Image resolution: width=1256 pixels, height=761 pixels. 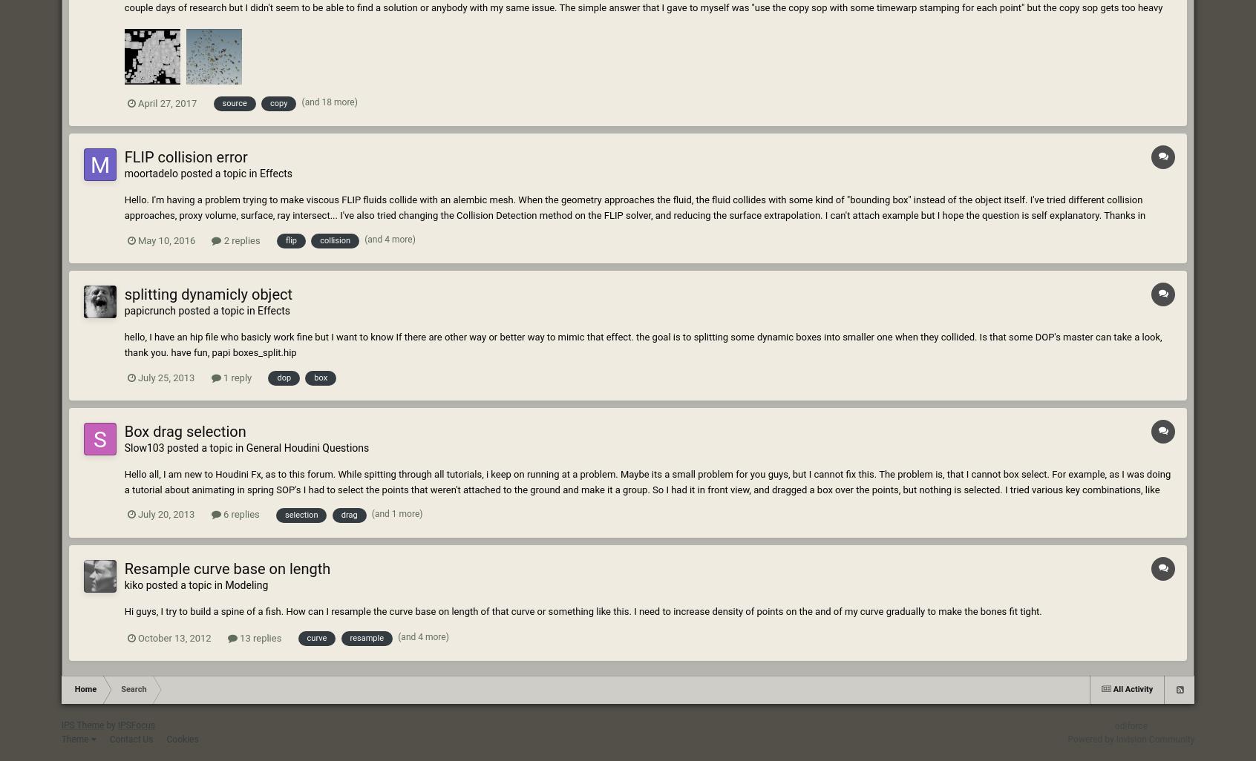 I want to click on 'drag', so click(x=348, y=513).